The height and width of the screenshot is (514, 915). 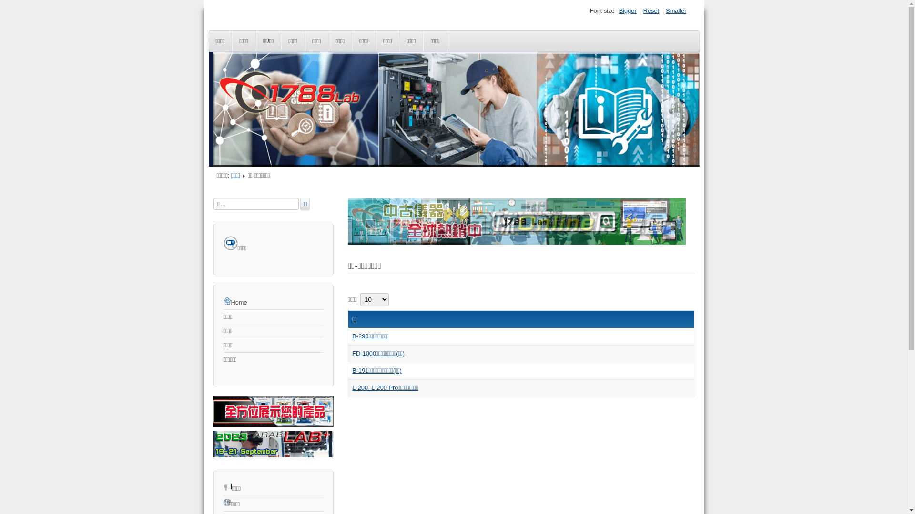 What do you see at coordinates (222, 302) in the screenshot?
I see `'Home'` at bounding box center [222, 302].